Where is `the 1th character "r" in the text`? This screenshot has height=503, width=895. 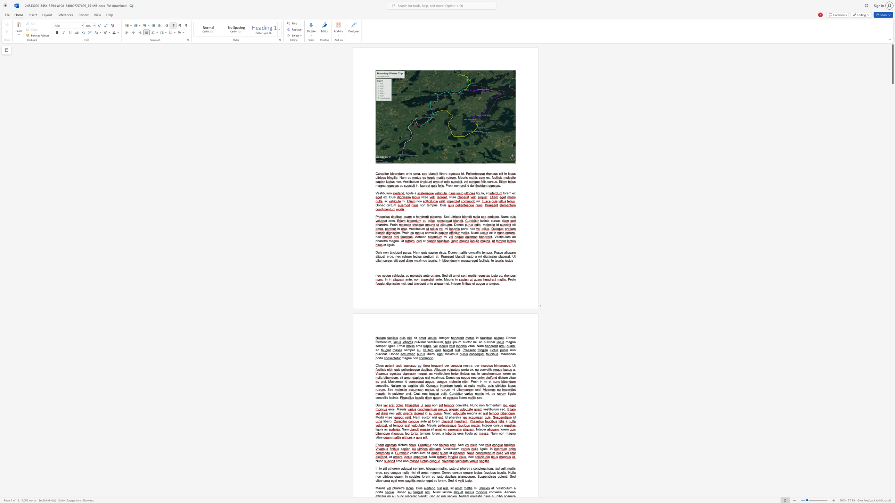 the 1th character "r" in the text is located at coordinates (470, 365).